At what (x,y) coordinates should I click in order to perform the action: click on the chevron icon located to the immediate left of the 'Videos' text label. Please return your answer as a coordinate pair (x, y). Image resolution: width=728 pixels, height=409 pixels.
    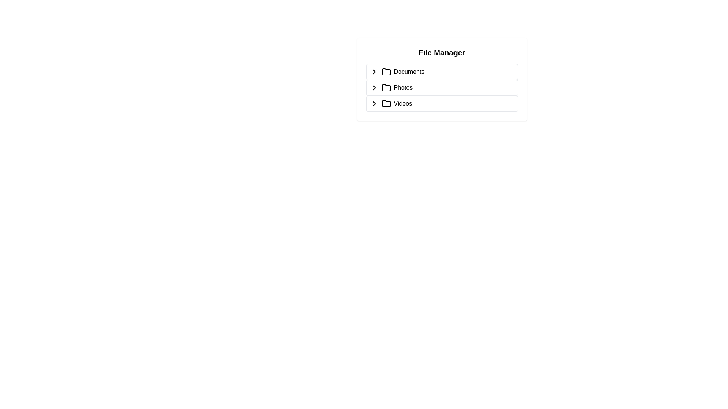
    Looking at the image, I should click on (374, 103).